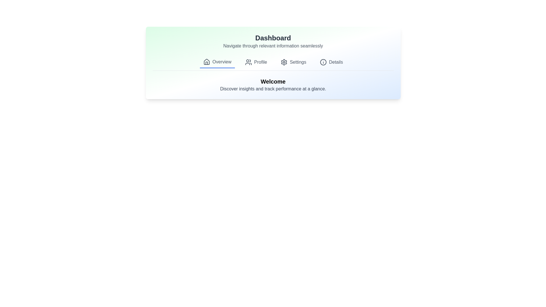 This screenshot has width=546, height=307. What do you see at coordinates (273, 81) in the screenshot?
I see `the prominent Header text displaying 'Welcome', which is bold and large-sized, rendered in black color, centrally located in the layout` at bounding box center [273, 81].